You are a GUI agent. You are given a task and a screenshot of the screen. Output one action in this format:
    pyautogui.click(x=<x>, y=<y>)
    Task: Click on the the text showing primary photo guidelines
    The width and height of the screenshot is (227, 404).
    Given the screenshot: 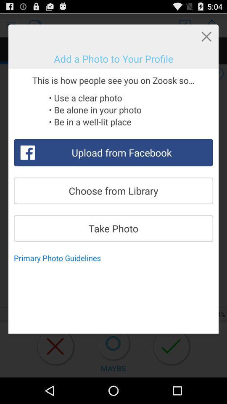 What is the action you would take?
    pyautogui.click(x=59, y=258)
    